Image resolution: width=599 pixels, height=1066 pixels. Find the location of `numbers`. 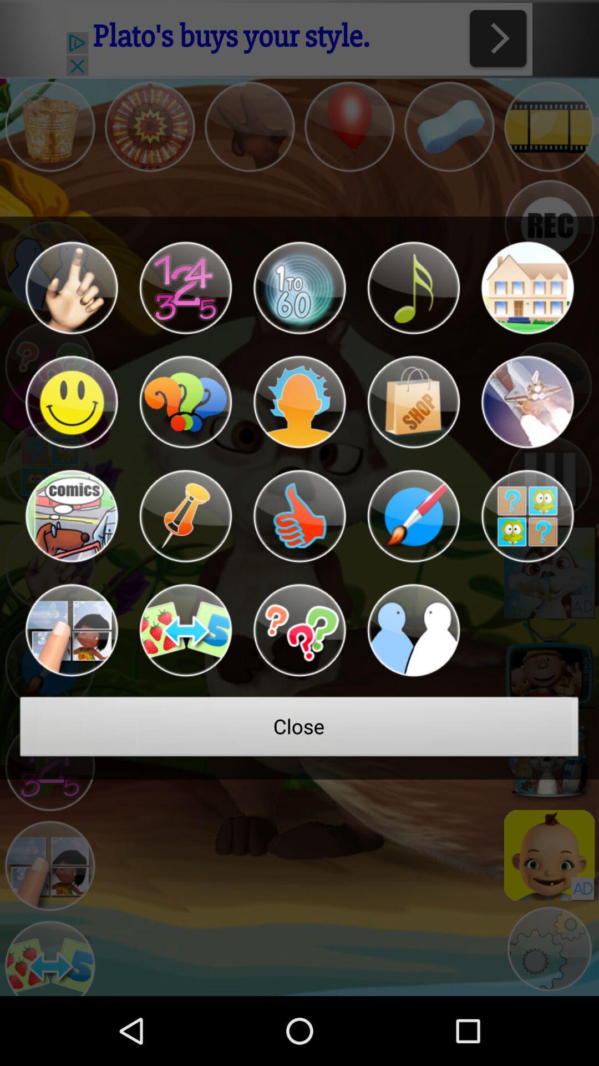

numbers is located at coordinates (185, 288).